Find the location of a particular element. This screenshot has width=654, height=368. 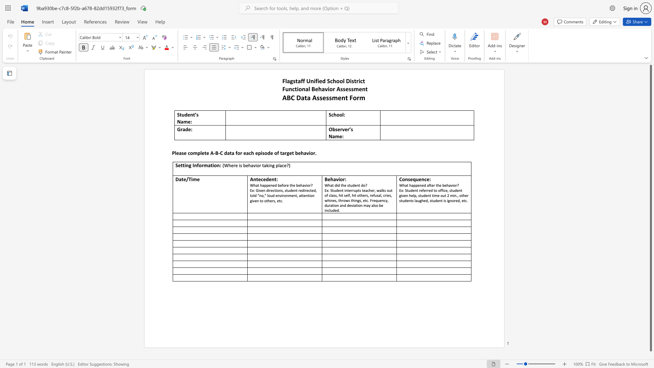

the subset text ", walks out" within the text "Ex: Student interrupts teacher, walks out of class, hit self, hit others, refusal, cries, whine" is located at coordinates (374, 190).